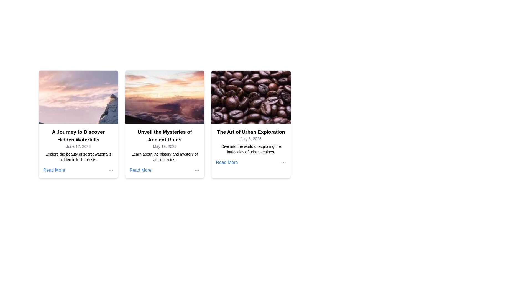 This screenshot has width=532, height=299. What do you see at coordinates (140, 170) in the screenshot?
I see `the 'Read More' hyperlink located at the bottom left corner of the second content card related to 'Unveil the Mysteries of Ancient Ruins'` at bounding box center [140, 170].